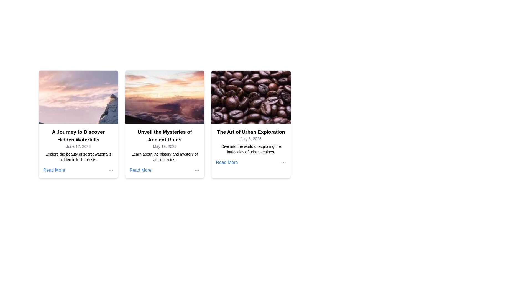 This screenshot has width=532, height=299. What do you see at coordinates (140, 170) in the screenshot?
I see `the 'Read More' hyperlink located at the bottom left corner of the second content card related to 'Unveil the Mysteries of Ancient Ruins'` at bounding box center [140, 170].